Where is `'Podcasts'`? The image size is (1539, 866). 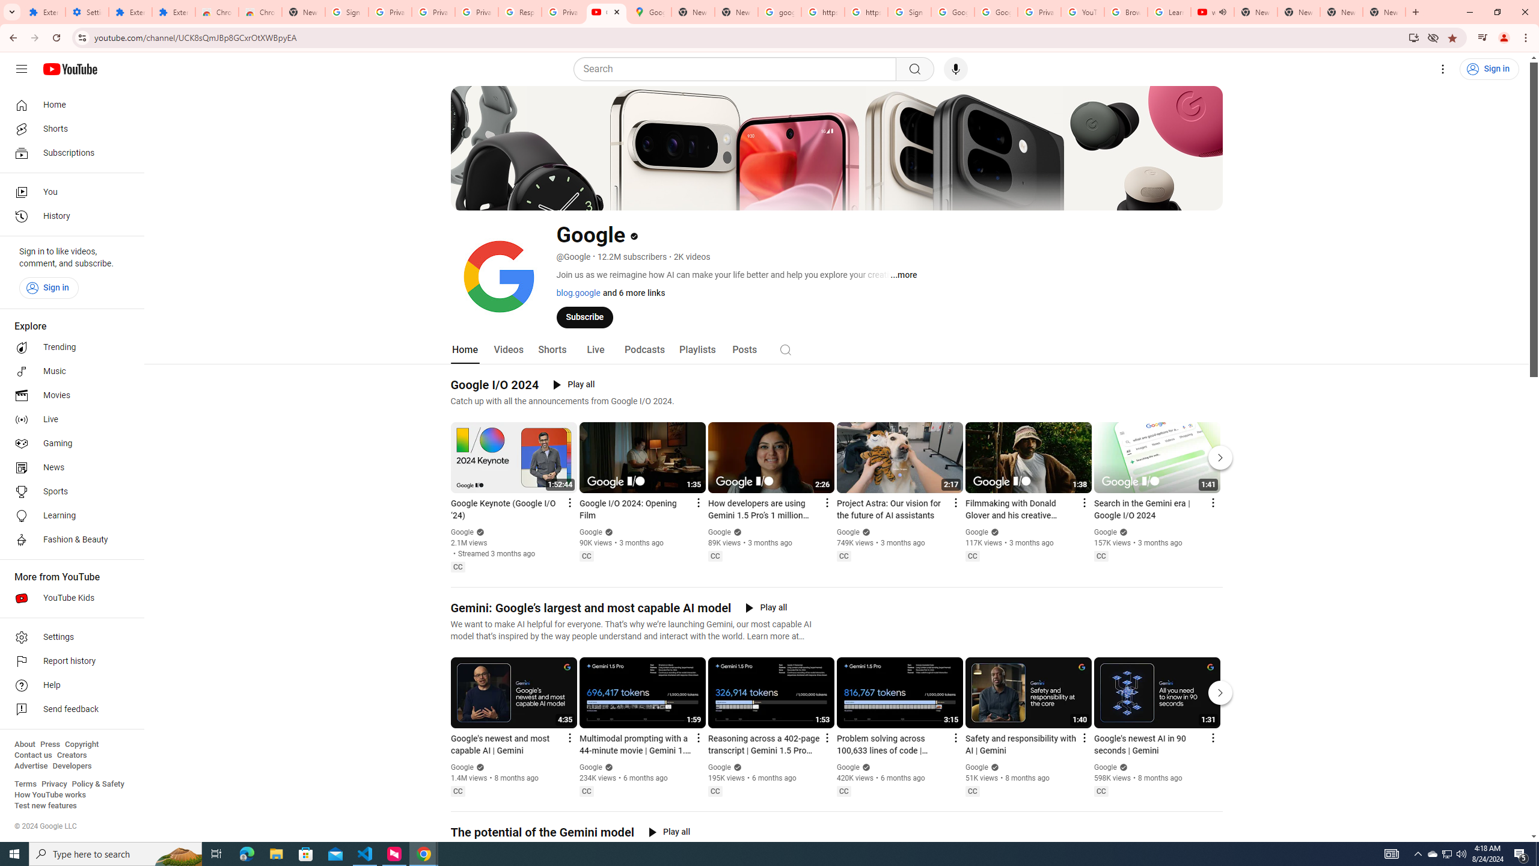 'Podcasts' is located at coordinates (644, 349).